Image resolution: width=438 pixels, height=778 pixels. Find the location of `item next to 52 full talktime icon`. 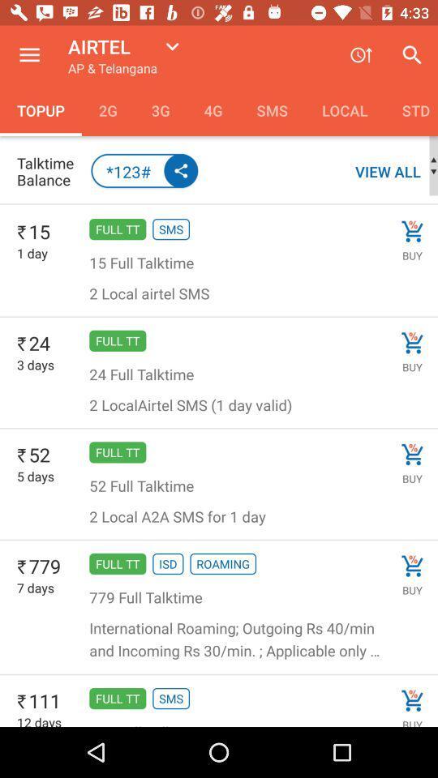

item next to 52 full talktime icon is located at coordinates (412, 455).